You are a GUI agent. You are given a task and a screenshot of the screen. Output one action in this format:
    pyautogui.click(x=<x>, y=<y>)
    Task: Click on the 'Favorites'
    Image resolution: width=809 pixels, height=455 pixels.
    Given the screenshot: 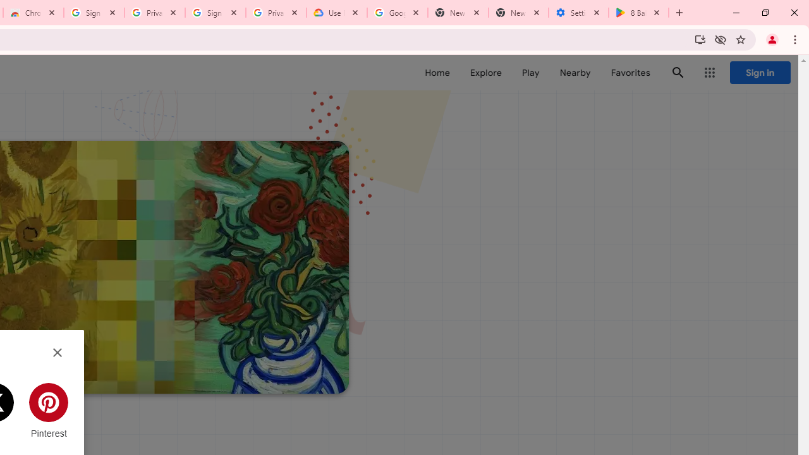 What is the action you would take?
    pyautogui.click(x=630, y=73)
    